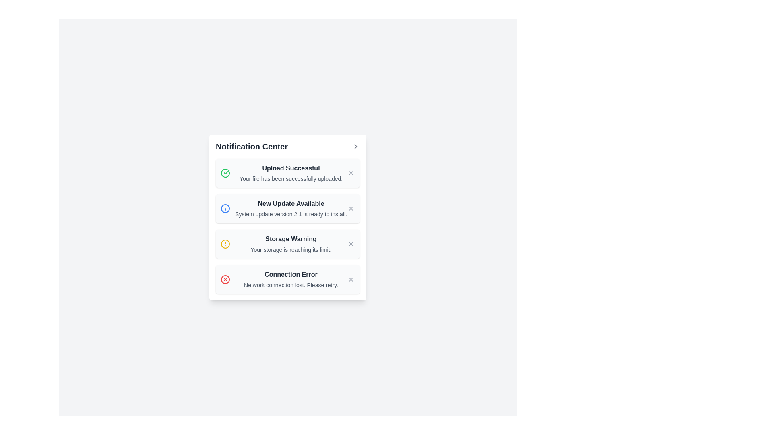 The image size is (773, 435). What do you see at coordinates (291, 168) in the screenshot?
I see `text from the bold 'Upload Successful' label located in the Notification Center, which is centered and has a dark gray font over a light background` at bounding box center [291, 168].